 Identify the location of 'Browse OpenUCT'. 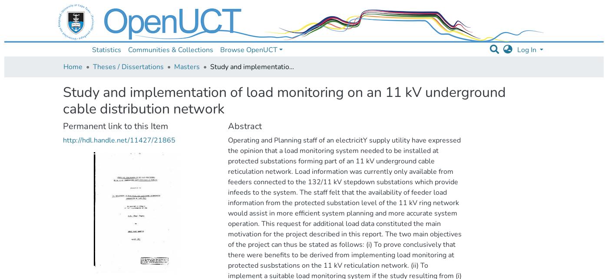
(248, 50).